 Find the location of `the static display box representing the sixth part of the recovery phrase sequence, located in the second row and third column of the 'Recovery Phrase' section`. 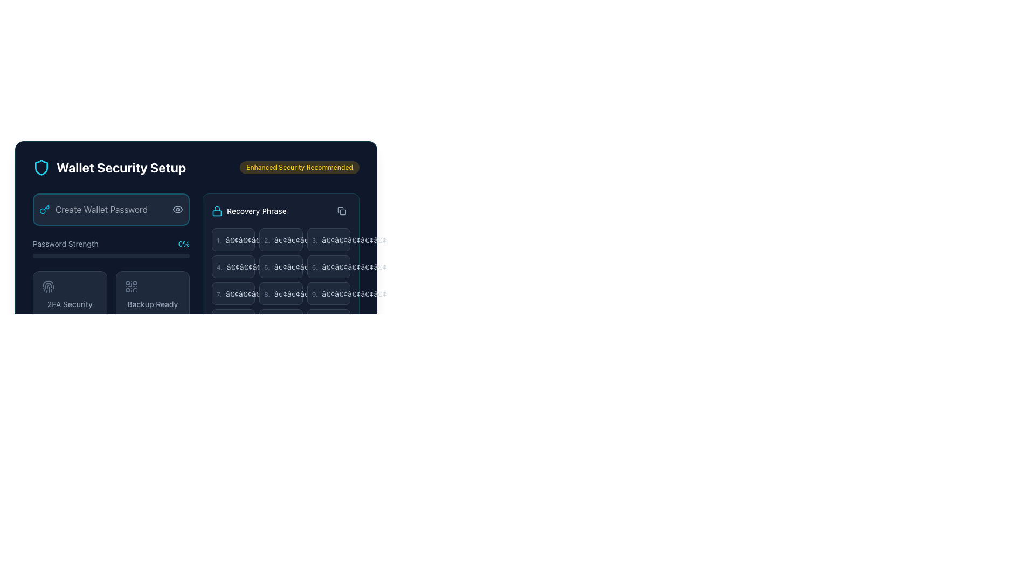

the static display box representing the sixth part of the recovery phrase sequence, located in the second row and third column of the 'Recovery Phrase' section is located at coordinates (328, 266).